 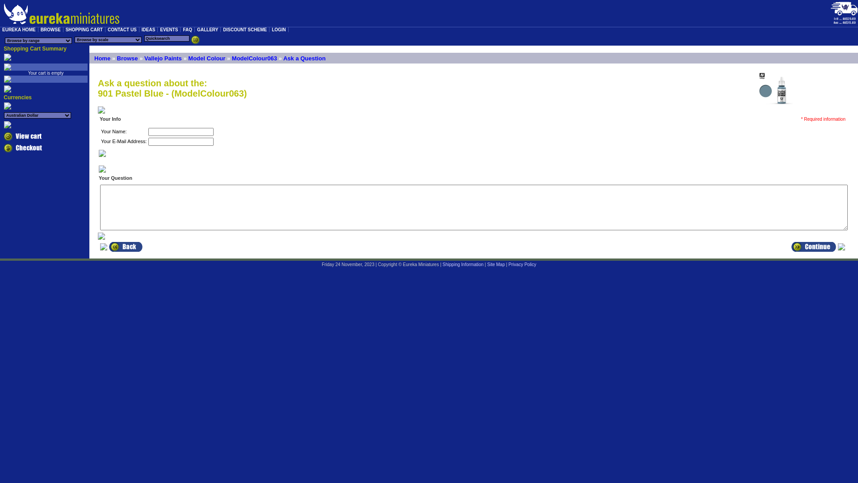 I want to click on 'Ask a Question', so click(x=304, y=58).